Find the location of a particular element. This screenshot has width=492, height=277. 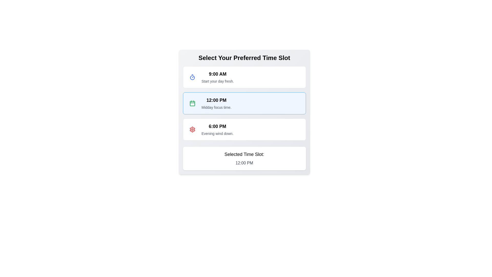

the selectable time slot option text block located at the topmost section above '12:00 PM' and '6:00 PM' is located at coordinates (218, 77).